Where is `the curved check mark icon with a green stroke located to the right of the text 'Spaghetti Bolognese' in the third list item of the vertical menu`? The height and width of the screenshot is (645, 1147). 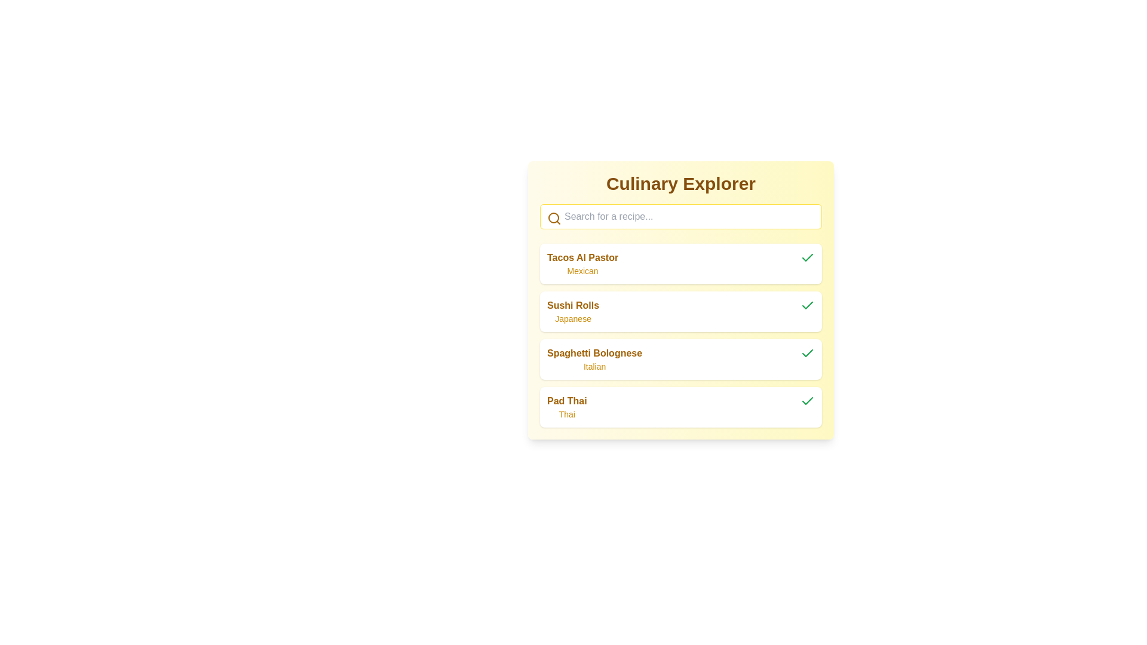 the curved check mark icon with a green stroke located to the right of the text 'Spaghetti Bolognese' in the third list item of the vertical menu is located at coordinates (808, 401).